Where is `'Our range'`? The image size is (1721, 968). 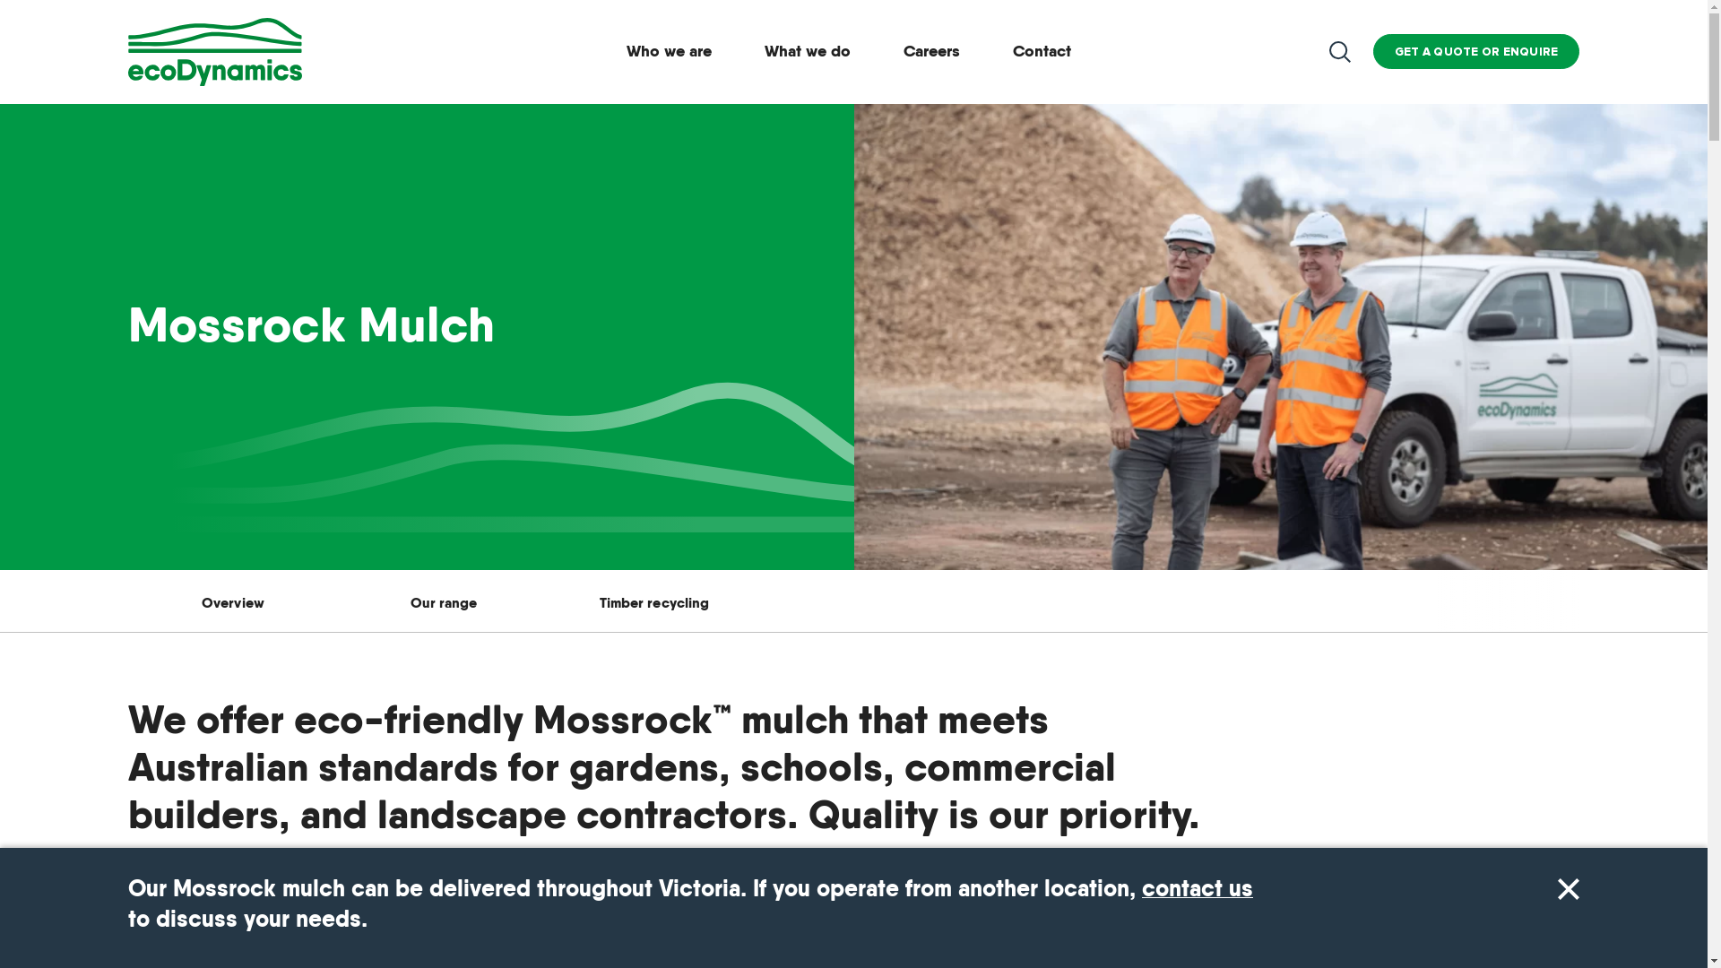 'Our range' is located at coordinates (444, 601).